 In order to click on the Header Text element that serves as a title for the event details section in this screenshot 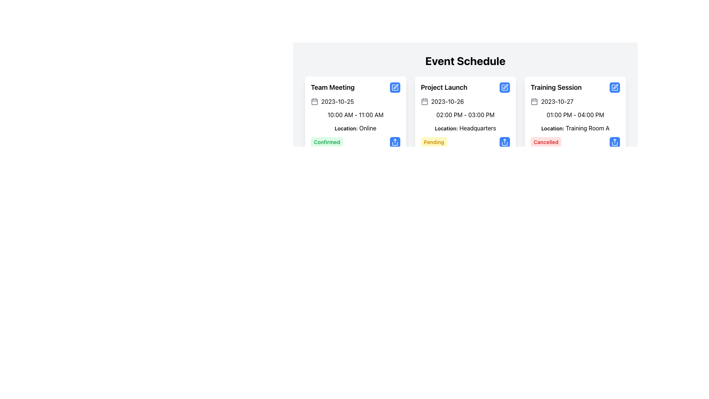, I will do `click(465, 61)`.